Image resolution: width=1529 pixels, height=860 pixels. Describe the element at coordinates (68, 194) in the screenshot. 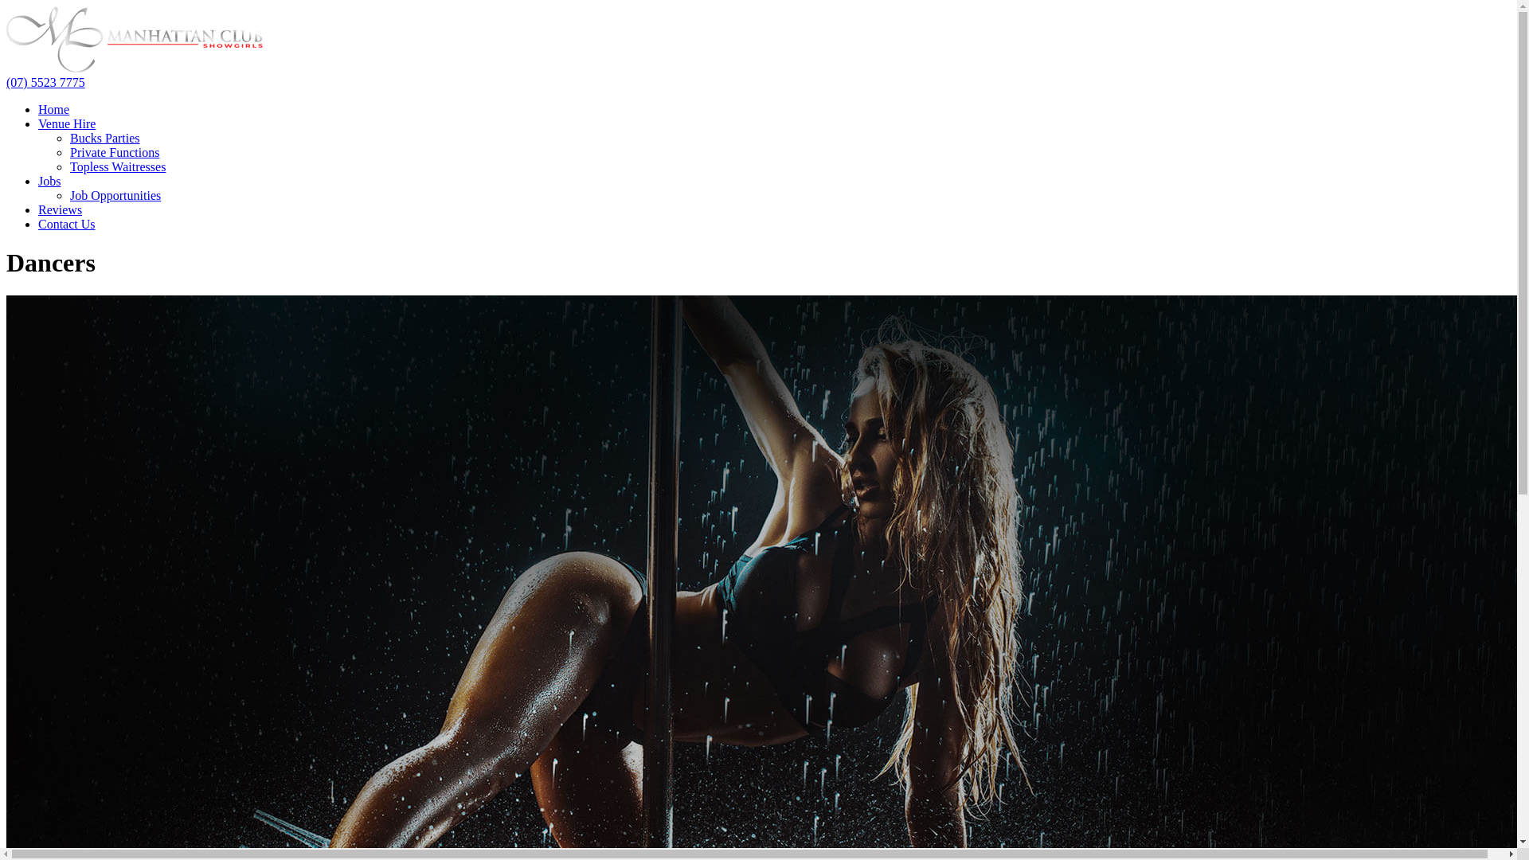

I see `'Job Opportunities'` at that location.